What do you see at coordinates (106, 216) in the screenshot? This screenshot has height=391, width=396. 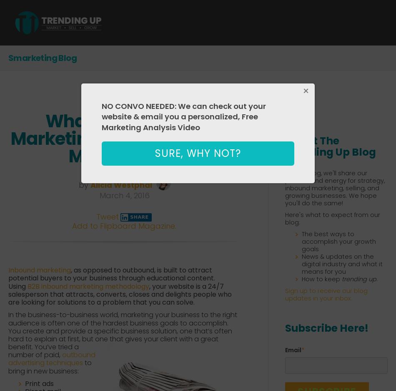 I see `'Tweet'` at bounding box center [106, 216].